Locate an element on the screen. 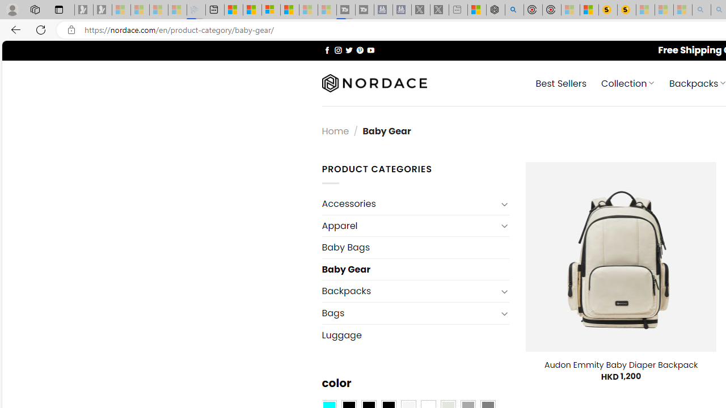 Image resolution: width=726 pixels, height=408 pixels. 'Apparel' is located at coordinates (408, 226).